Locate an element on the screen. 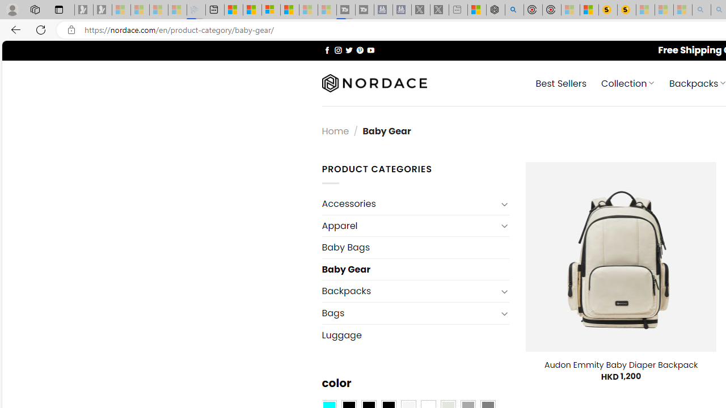 Image resolution: width=726 pixels, height=408 pixels. 'Apparel' is located at coordinates (408, 226).